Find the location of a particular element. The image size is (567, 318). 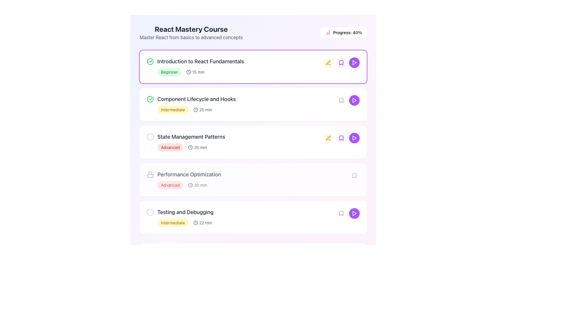

the play icon inside the purple circular button is located at coordinates (354, 138).